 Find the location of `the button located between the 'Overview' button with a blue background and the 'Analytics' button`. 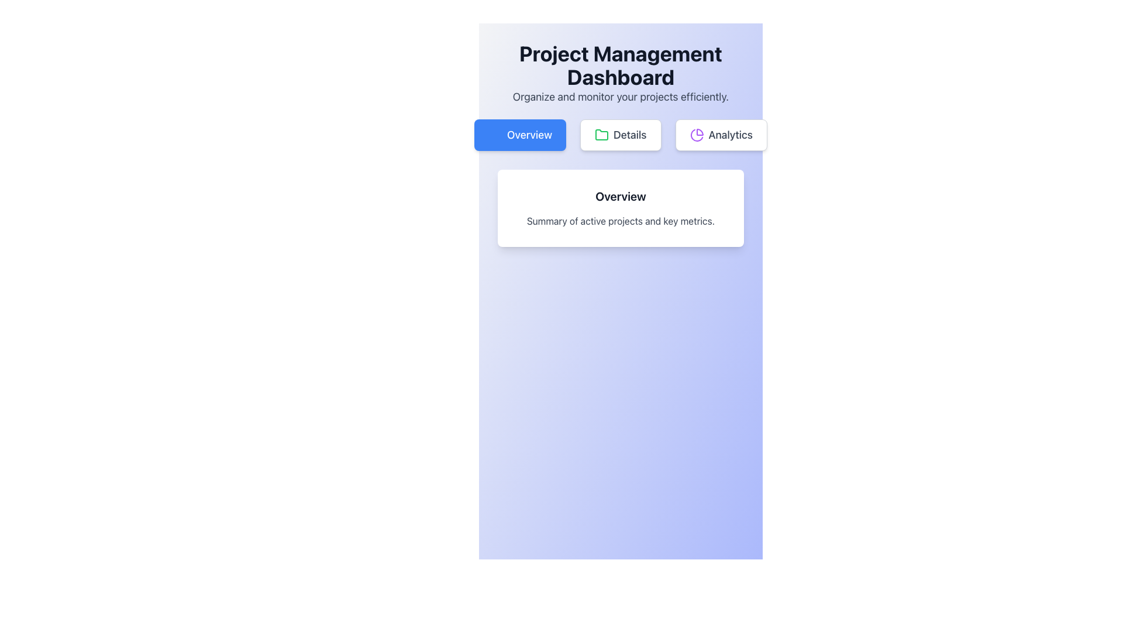

the button located between the 'Overview' button with a blue background and the 'Analytics' button is located at coordinates (619, 135).